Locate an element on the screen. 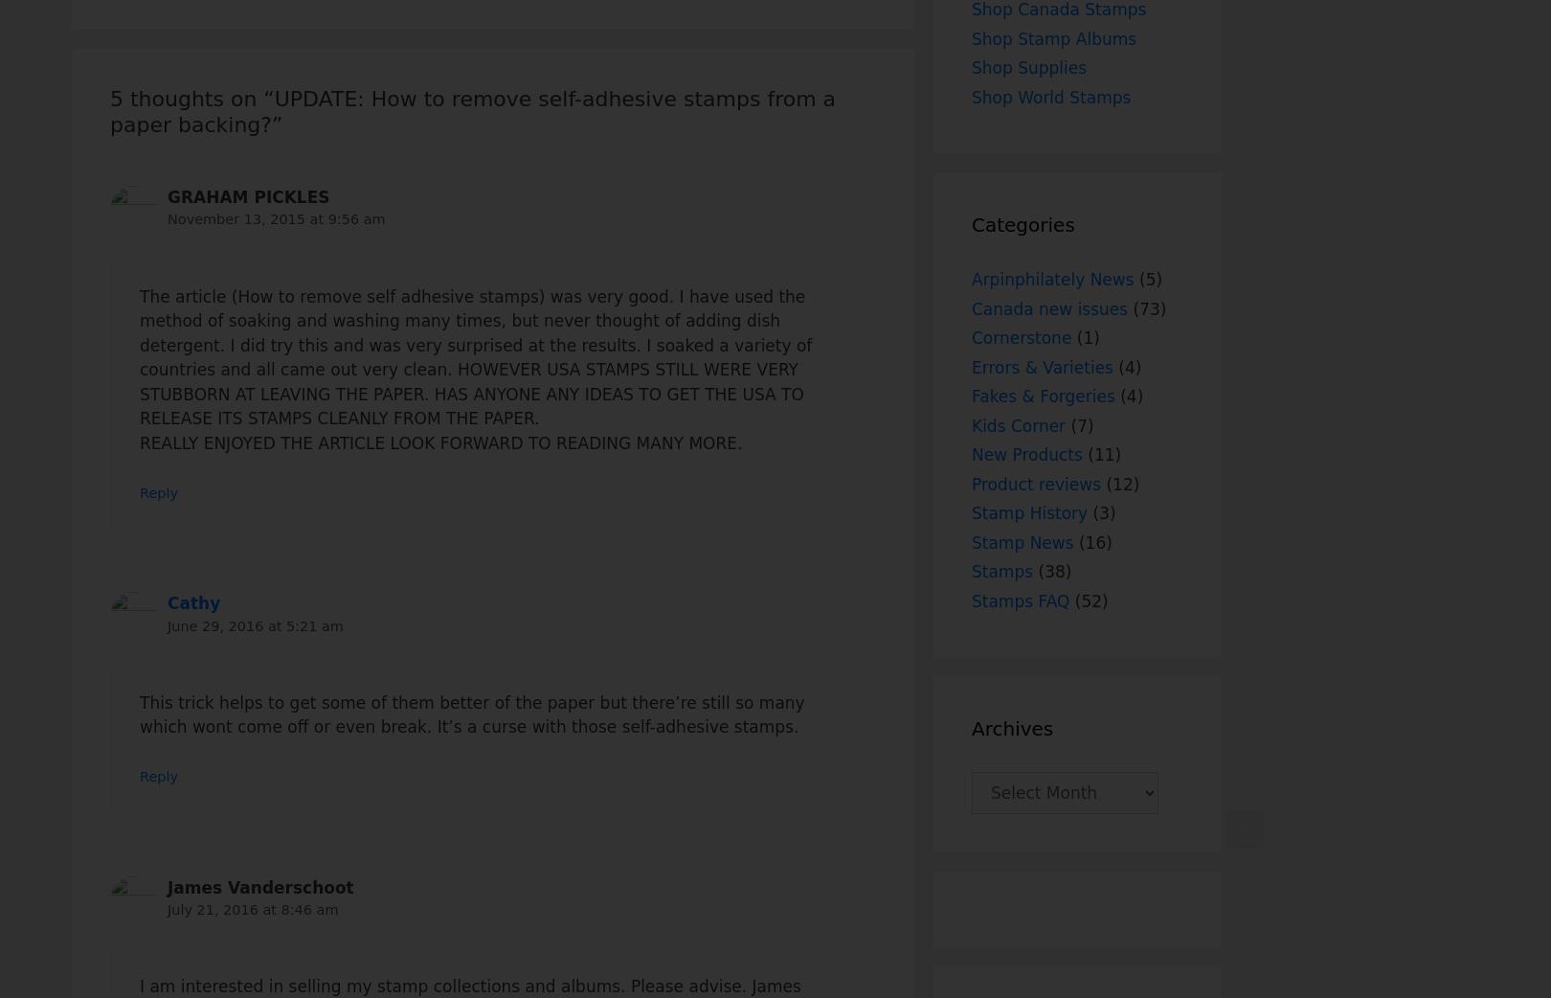 Image resolution: width=1551 pixels, height=998 pixels. 'Stamp History' is located at coordinates (1028, 512).